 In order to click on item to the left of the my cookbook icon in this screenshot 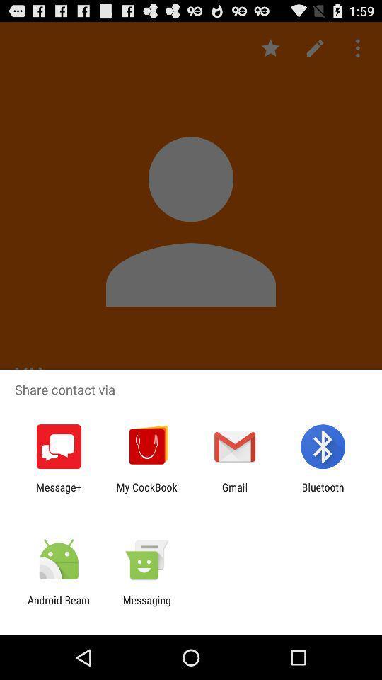, I will do `click(58, 493)`.